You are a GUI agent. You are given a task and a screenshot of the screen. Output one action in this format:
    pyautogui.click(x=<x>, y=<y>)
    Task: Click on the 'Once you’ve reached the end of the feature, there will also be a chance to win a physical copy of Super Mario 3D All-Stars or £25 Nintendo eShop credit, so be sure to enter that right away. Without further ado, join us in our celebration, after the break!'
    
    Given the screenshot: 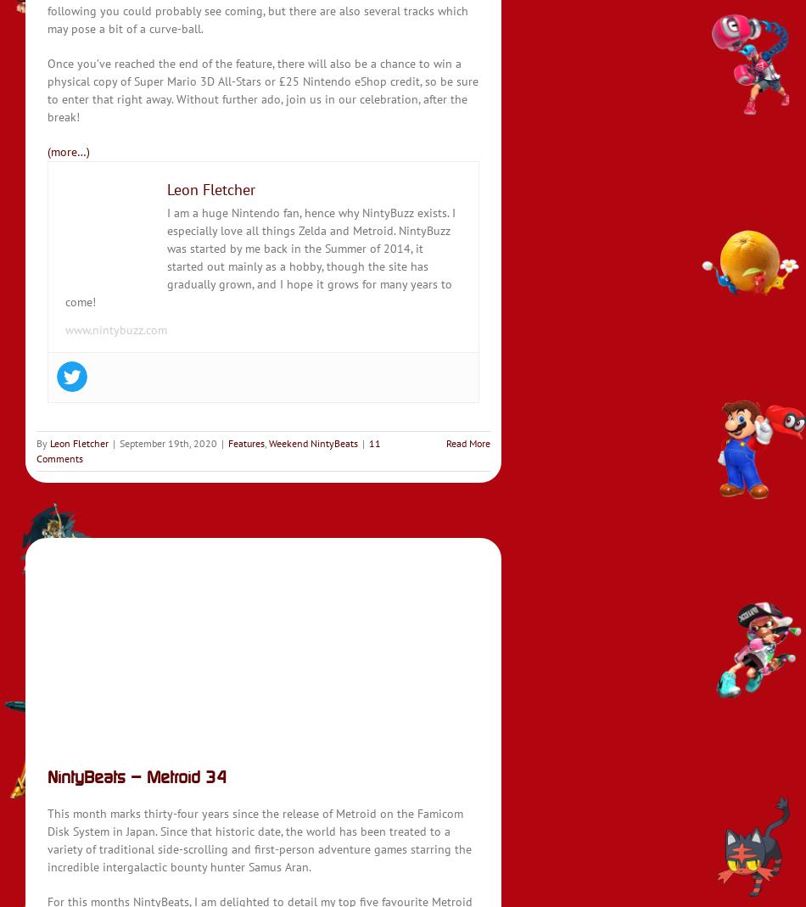 What is the action you would take?
    pyautogui.click(x=261, y=89)
    